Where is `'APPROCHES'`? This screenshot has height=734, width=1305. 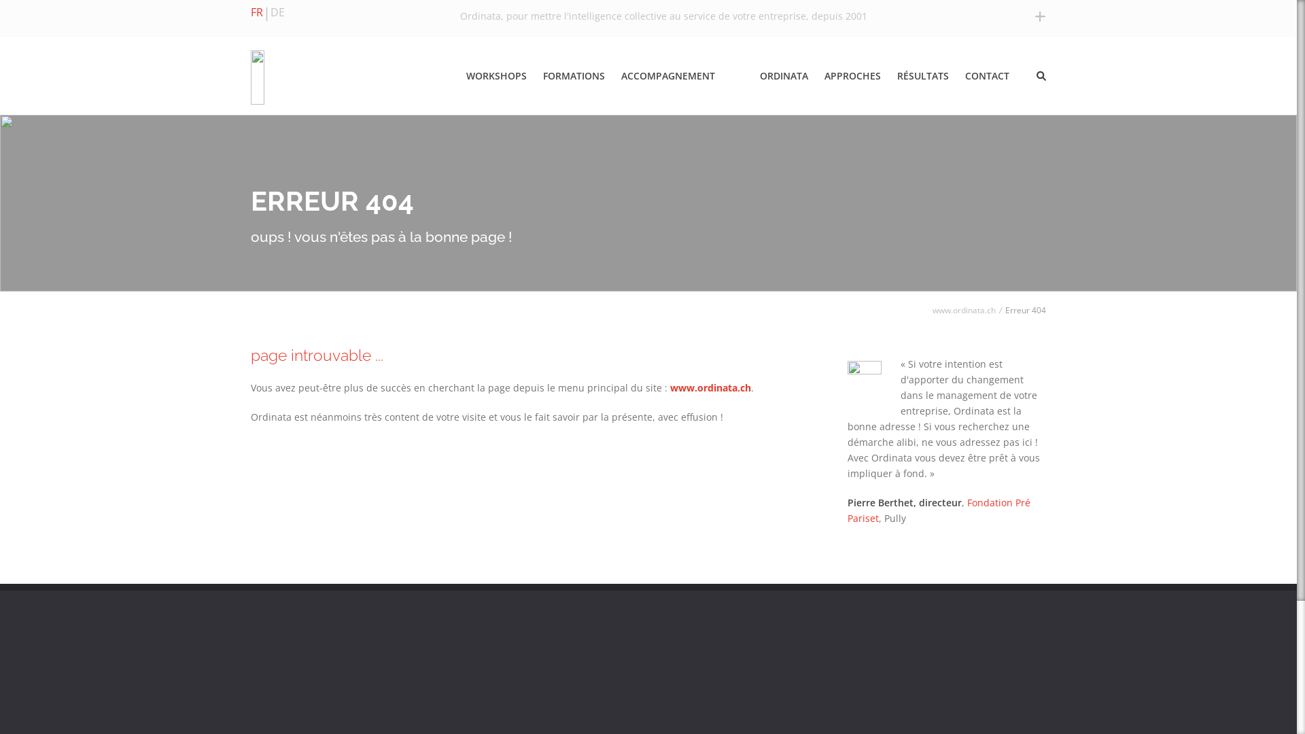
'APPROCHES' is located at coordinates (854, 75).